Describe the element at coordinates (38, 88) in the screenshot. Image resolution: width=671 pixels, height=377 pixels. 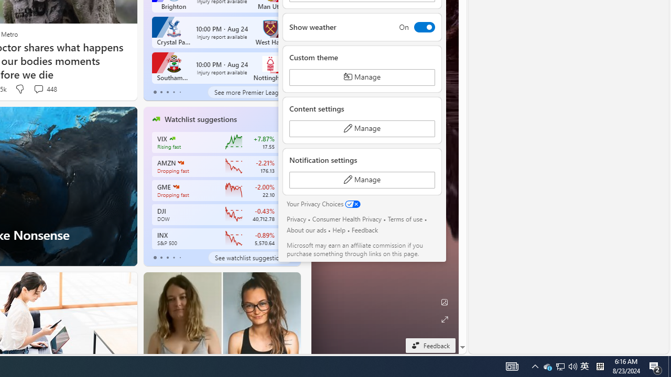
I see `'View comments 448 Comment'` at that location.